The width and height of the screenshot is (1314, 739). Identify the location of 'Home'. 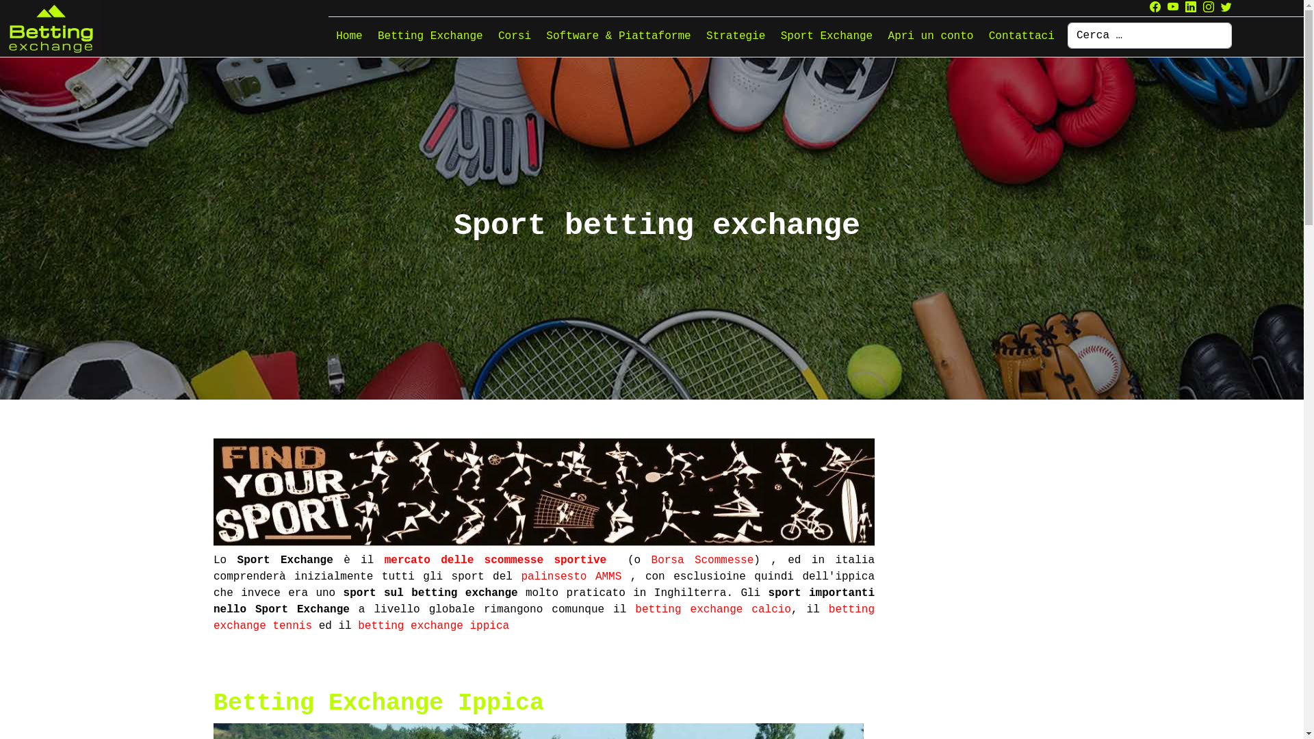
(349, 36).